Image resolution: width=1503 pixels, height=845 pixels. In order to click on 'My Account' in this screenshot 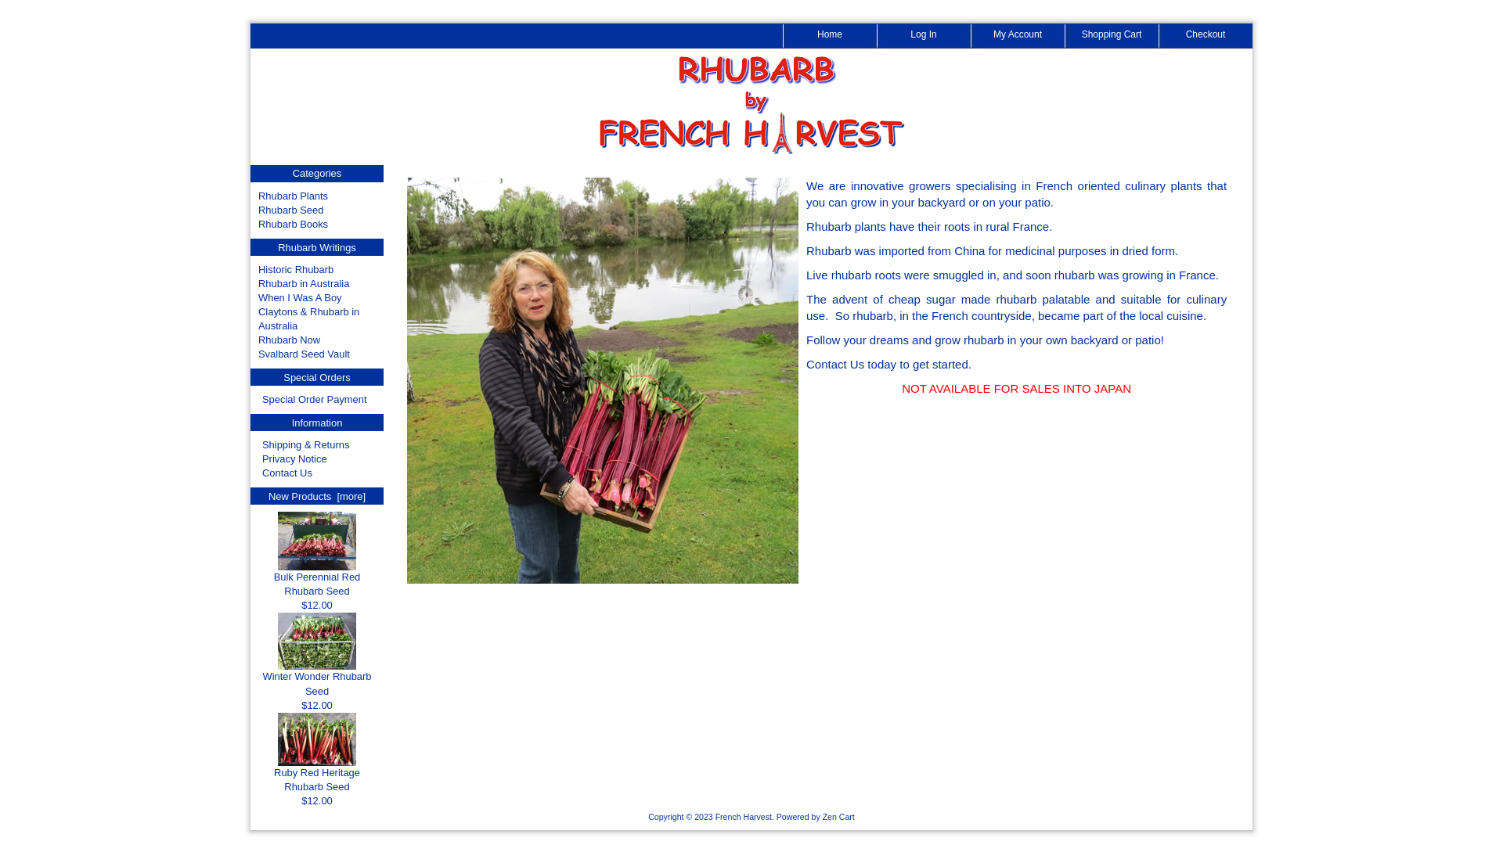, I will do `click(1018, 35)`.